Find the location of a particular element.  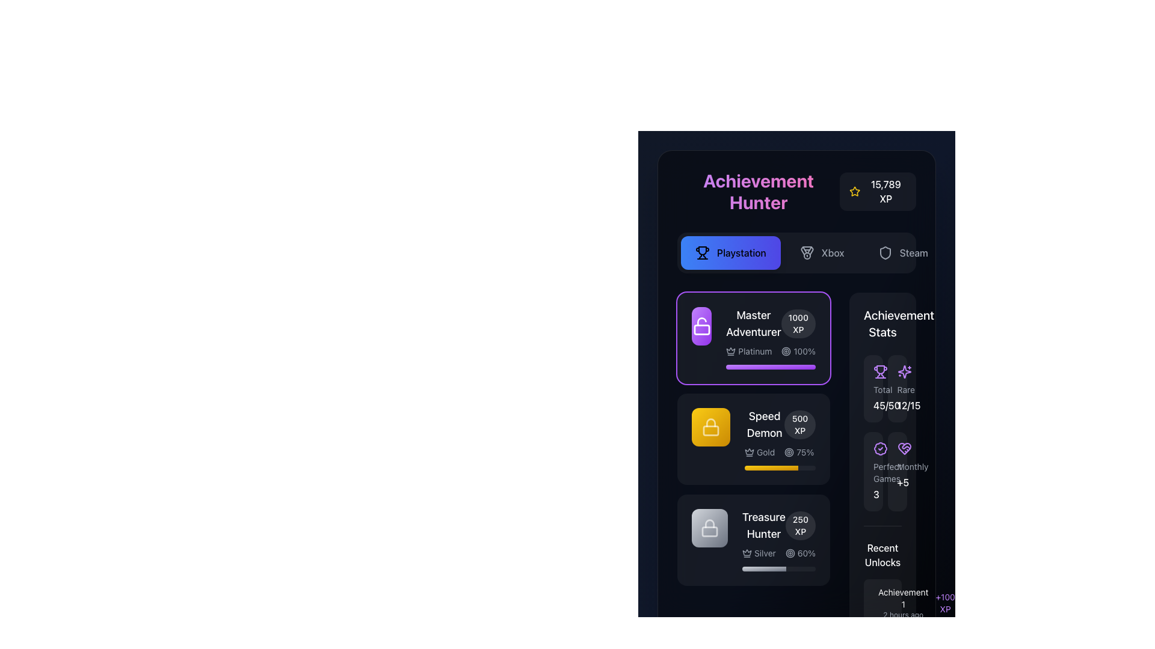

the achievement icon located centrally within the 'Master Adventurer' box on the main dashboard is located at coordinates (881, 368).